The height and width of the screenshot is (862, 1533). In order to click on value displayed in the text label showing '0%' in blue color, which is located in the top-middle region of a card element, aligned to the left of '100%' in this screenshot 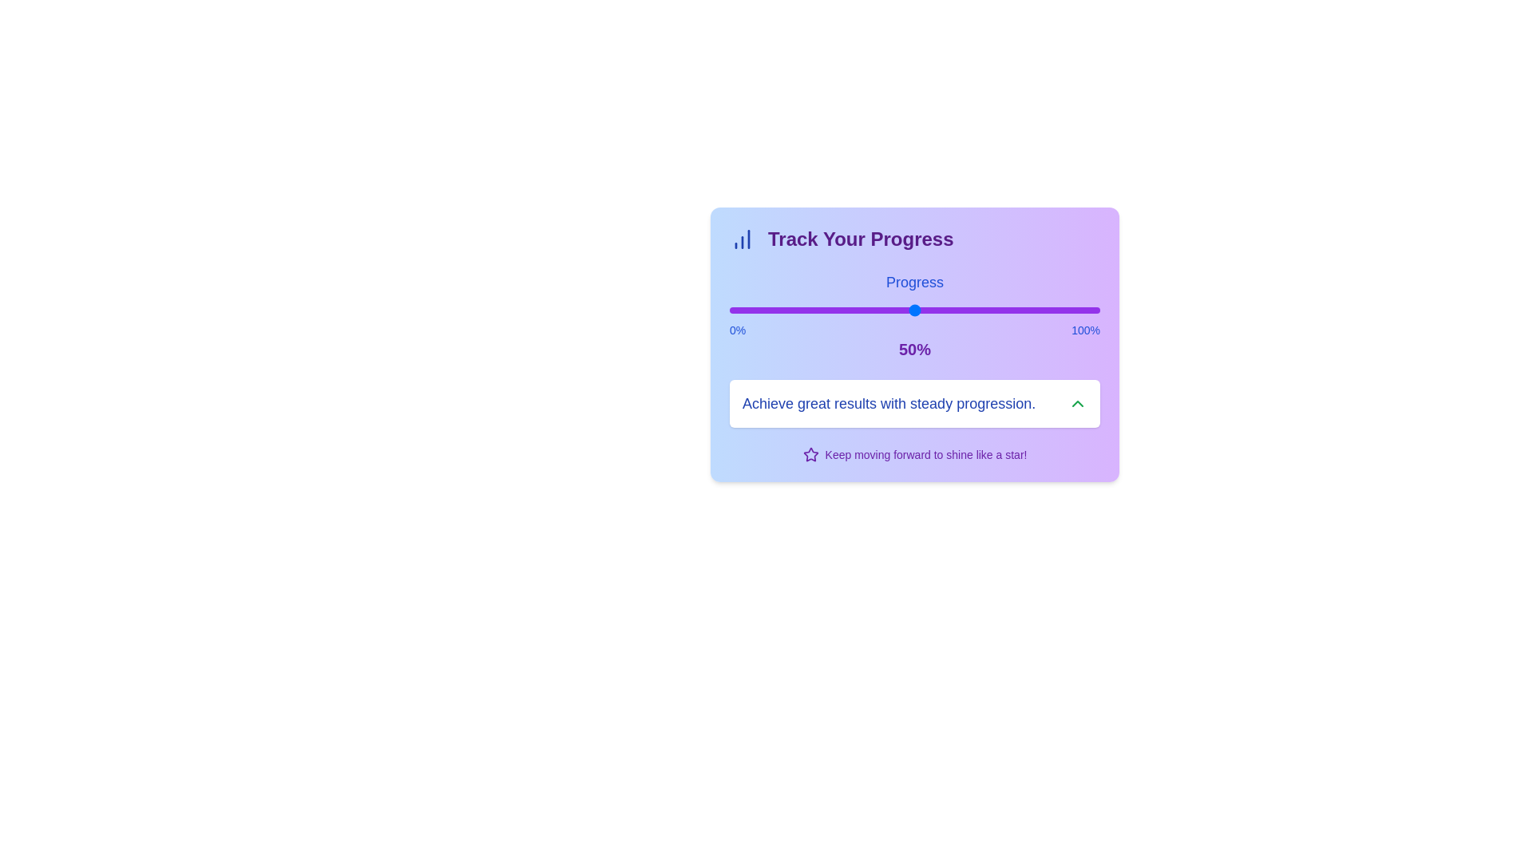, I will do `click(737, 329)`.